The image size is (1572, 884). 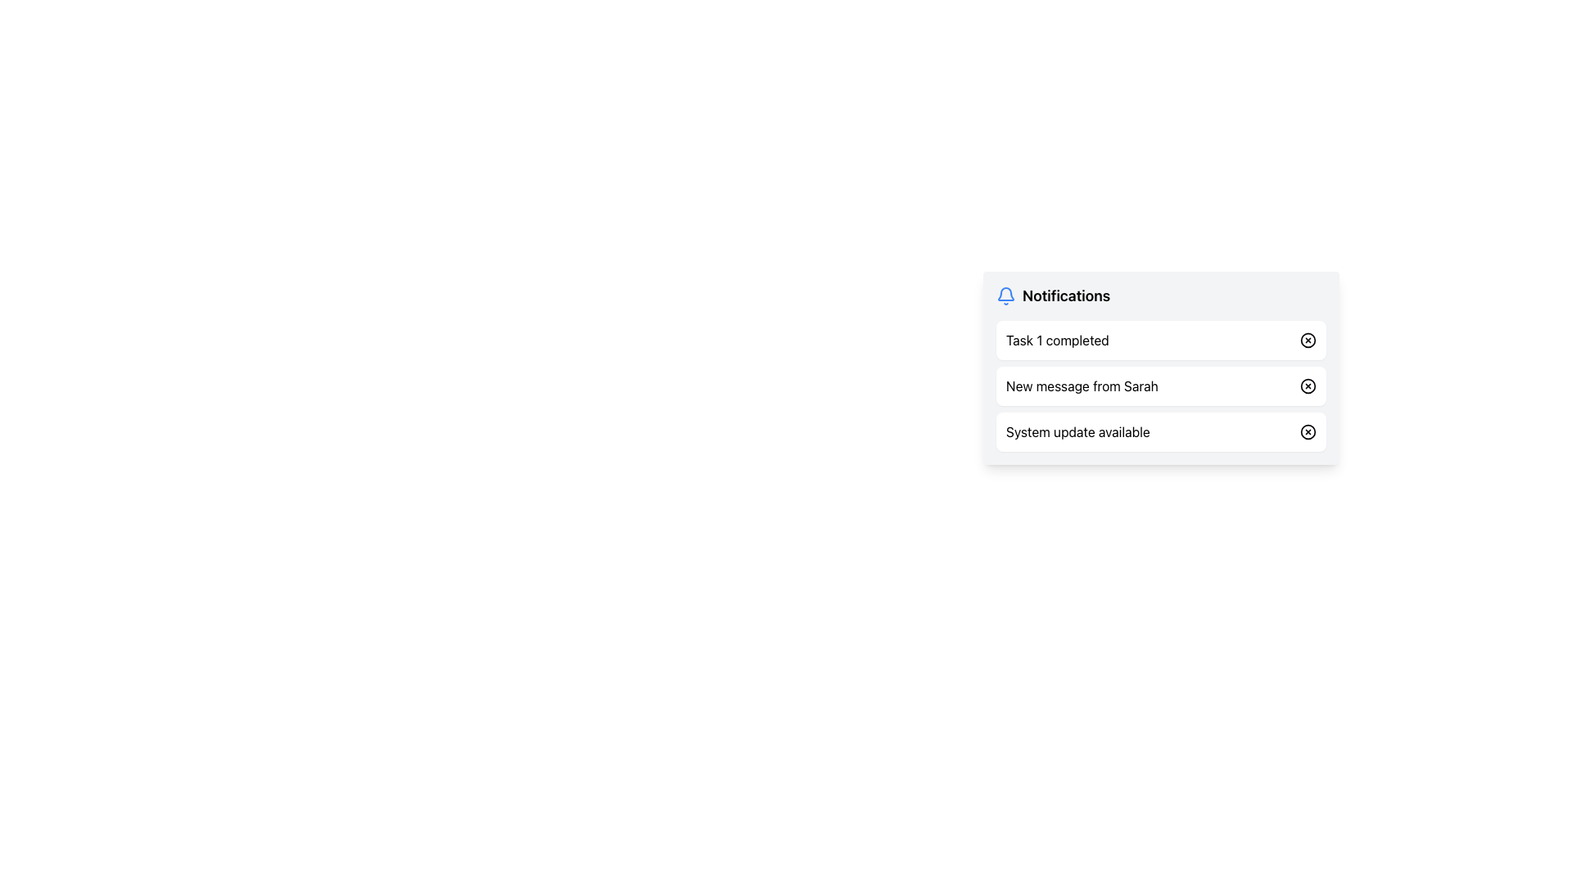 I want to click on the dismiss button on the right side of the 'New message from Sarah' notification, so click(x=1308, y=386).